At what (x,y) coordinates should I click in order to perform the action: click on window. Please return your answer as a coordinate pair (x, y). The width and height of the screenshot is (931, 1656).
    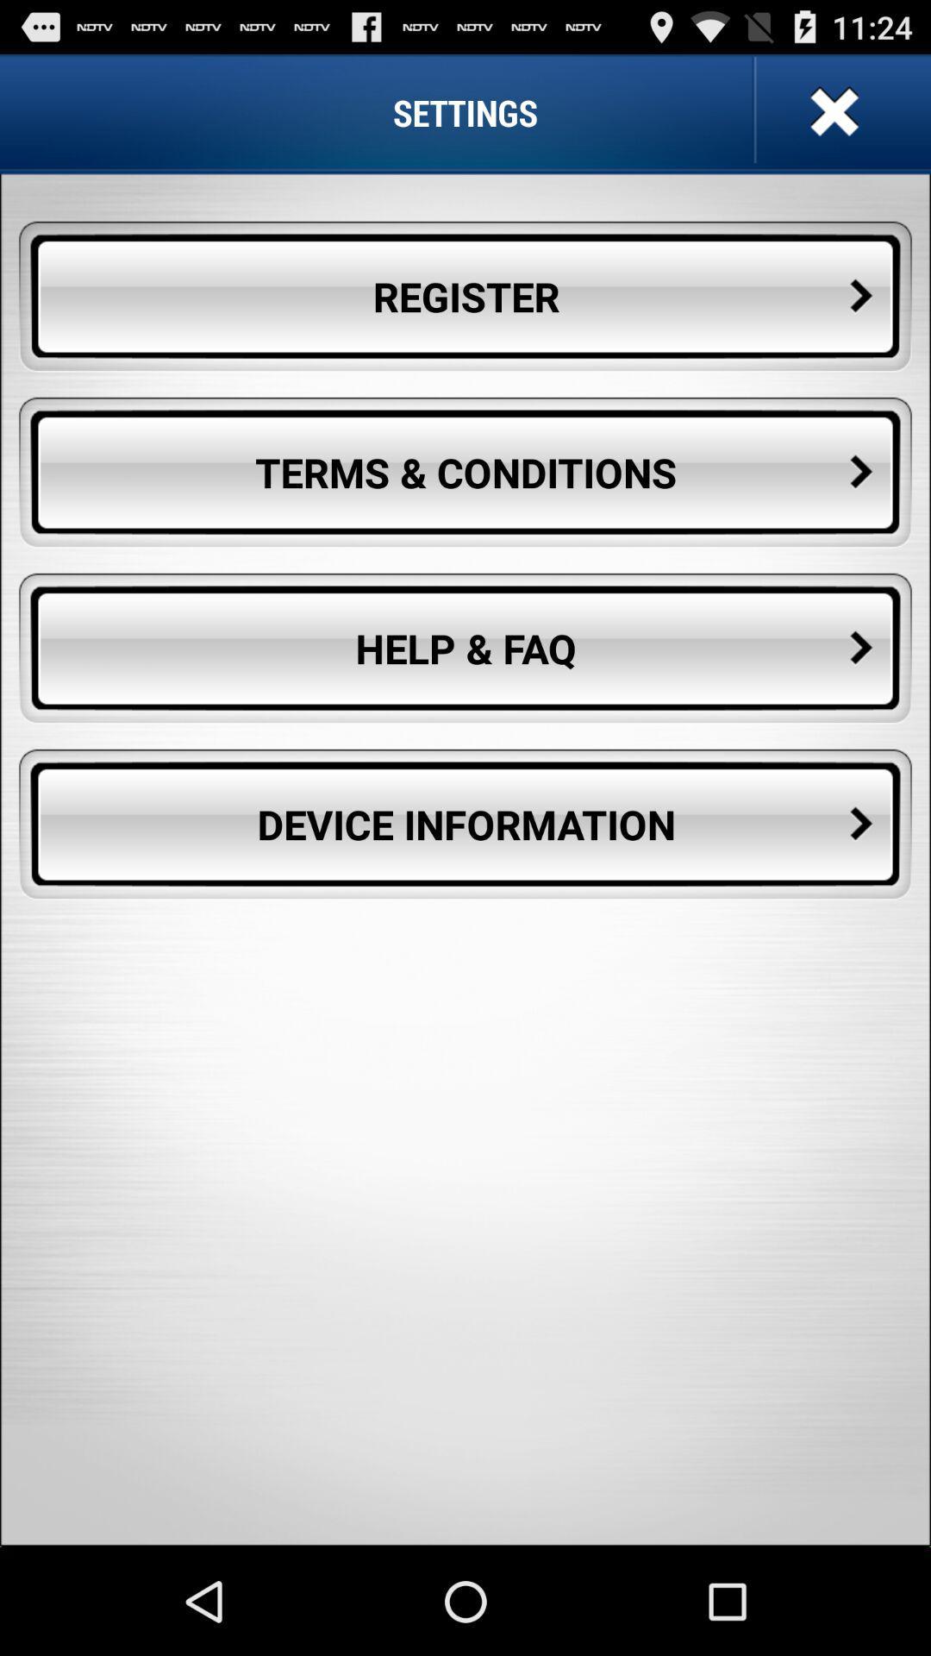
    Looking at the image, I should click on (831, 111).